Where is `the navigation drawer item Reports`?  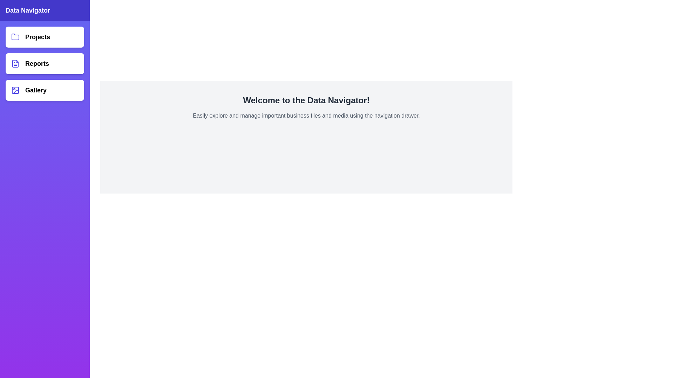 the navigation drawer item Reports is located at coordinates (45, 63).